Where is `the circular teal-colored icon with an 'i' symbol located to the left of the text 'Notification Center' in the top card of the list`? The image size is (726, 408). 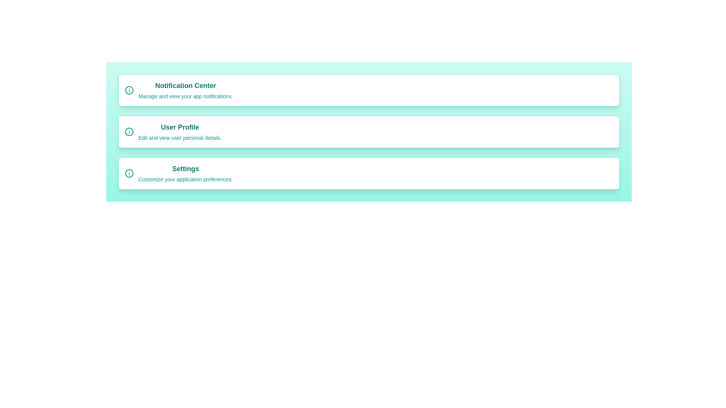
the circular teal-colored icon with an 'i' symbol located to the left of the text 'Notification Center' in the top card of the list is located at coordinates (129, 90).